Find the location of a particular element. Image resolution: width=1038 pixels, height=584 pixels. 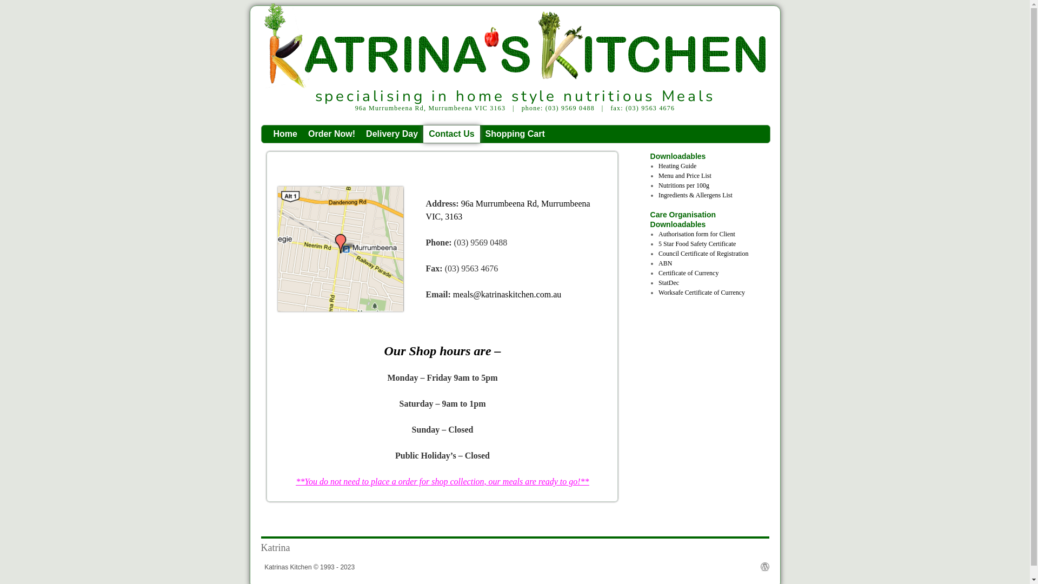

'Nutritions per 100g' is located at coordinates (658, 185).